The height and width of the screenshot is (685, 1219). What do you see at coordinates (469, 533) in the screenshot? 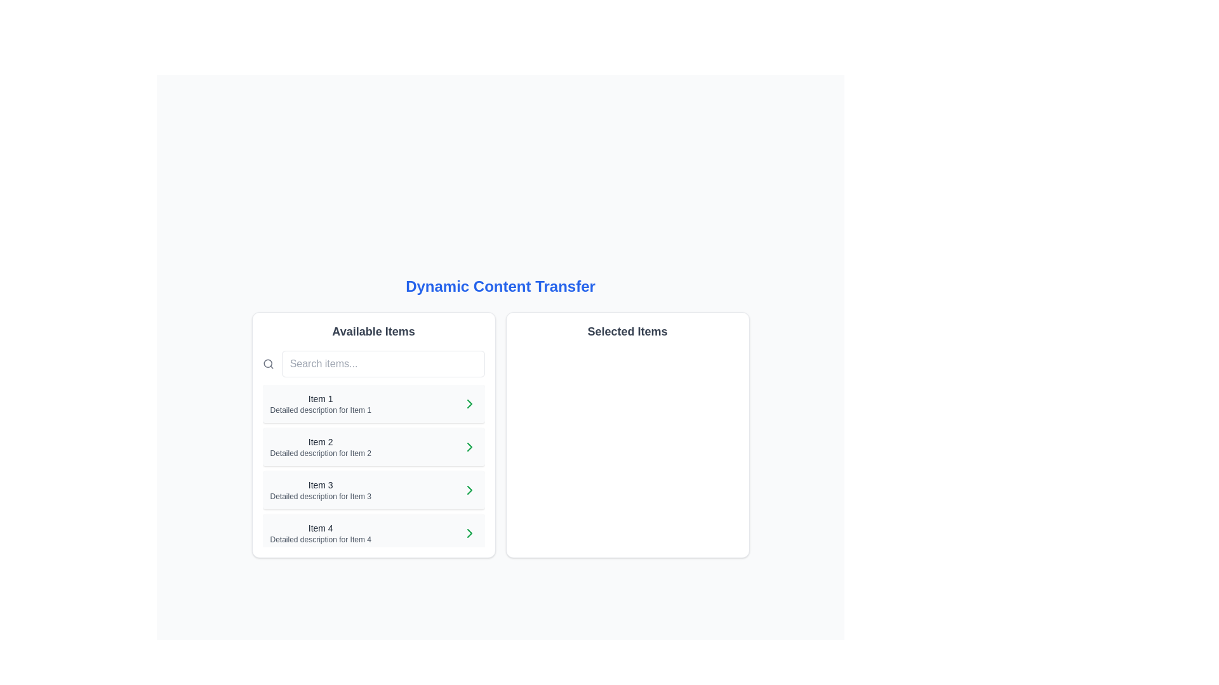
I see `the Chevron icon located at the rightmost position of 'Item 4' in the 'Available Items' list` at bounding box center [469, 533].